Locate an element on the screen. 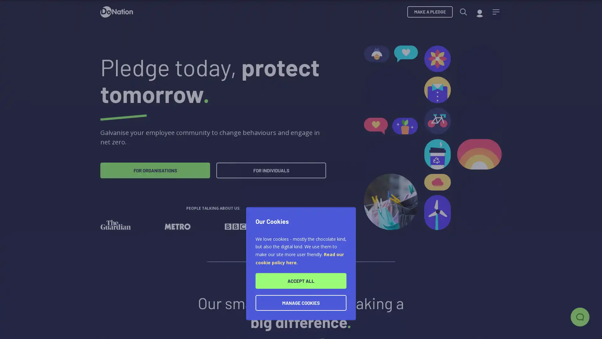  ACCEPT ALL is located at coordinates (301, 280).